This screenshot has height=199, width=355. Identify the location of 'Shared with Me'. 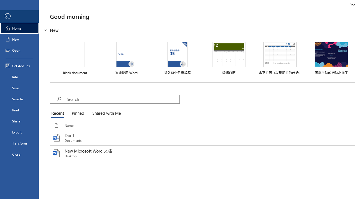
(105, 113).